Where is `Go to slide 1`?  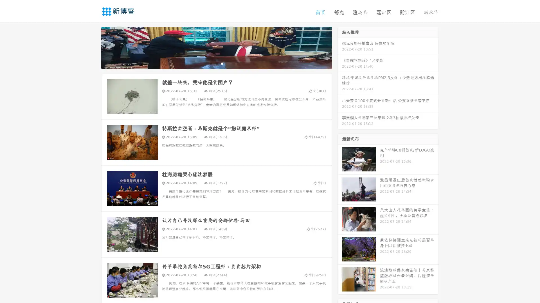
Go to slide 1 is located at coordinates (210, 63).